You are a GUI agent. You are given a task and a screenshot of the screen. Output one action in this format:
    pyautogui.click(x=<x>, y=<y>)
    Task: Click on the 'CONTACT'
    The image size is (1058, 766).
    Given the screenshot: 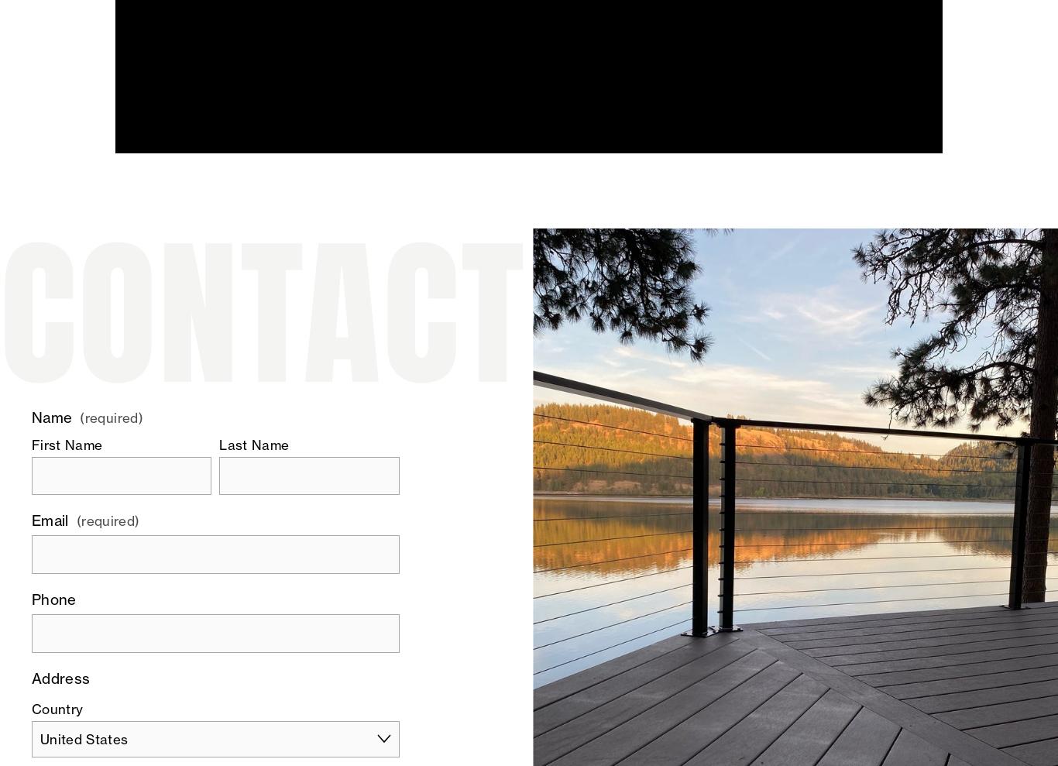 What is the action you would take?
    pyautogui.click(x=263, y=312)
    